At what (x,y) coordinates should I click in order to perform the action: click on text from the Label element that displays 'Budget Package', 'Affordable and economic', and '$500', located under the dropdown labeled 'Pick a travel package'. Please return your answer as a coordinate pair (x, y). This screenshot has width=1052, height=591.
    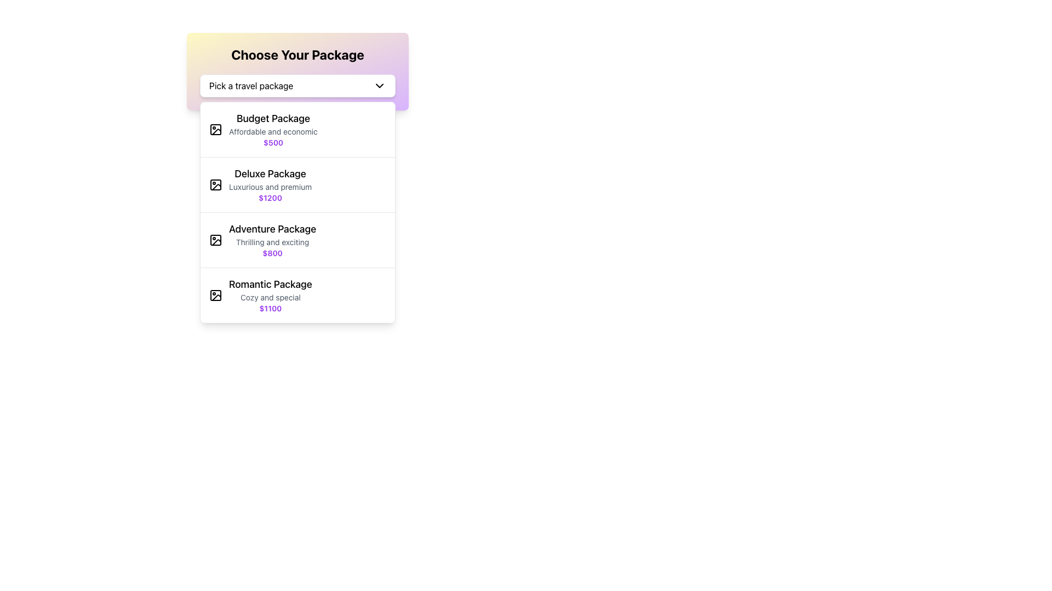
    Looking at the image, I should click on (273, 129).